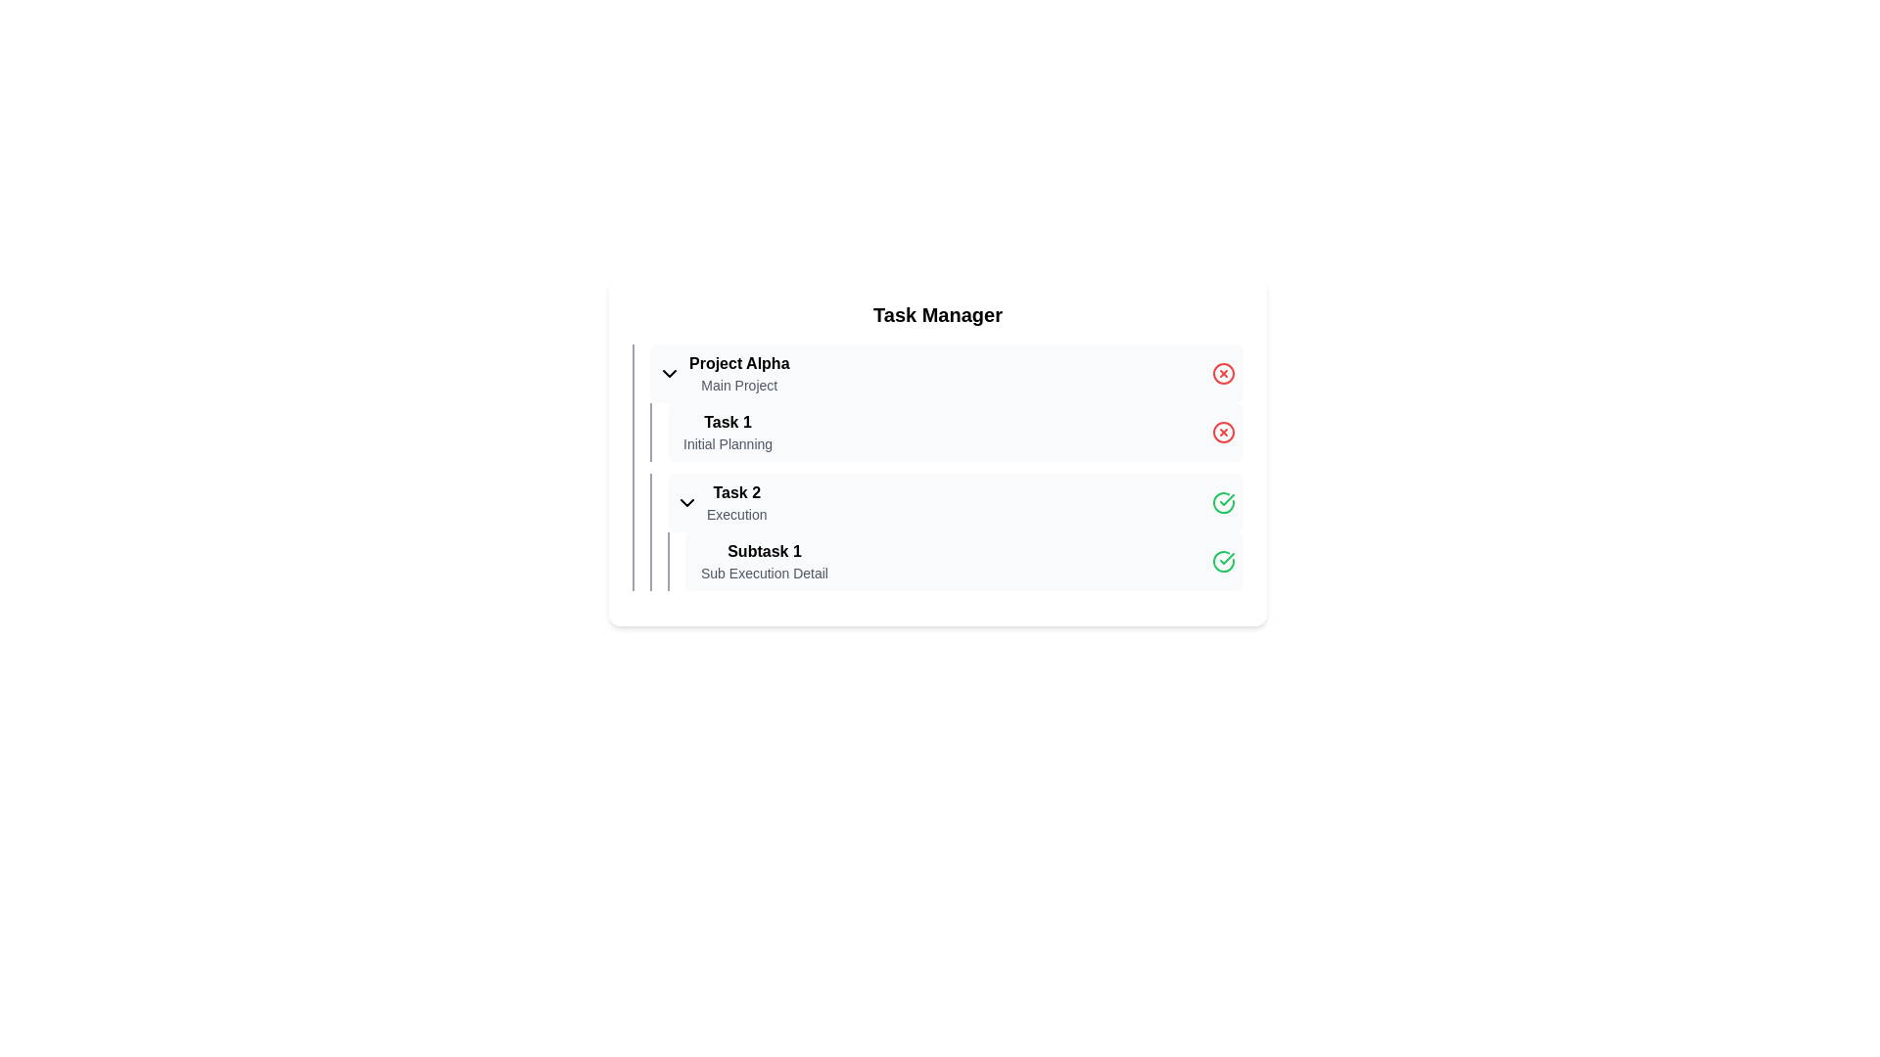 The width and height of the screenshot is (1880, 1057). I want to click on the second list item under the 'Project Alpha' section, so click(946, 432).